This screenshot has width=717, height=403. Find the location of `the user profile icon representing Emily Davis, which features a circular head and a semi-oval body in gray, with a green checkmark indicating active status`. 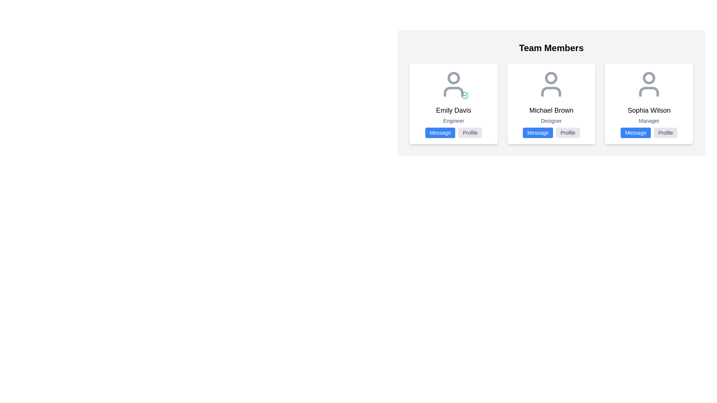

the user profile icon representing Emily Davis, which features a circular head and a semi-oval body in gray, with a green checkmark indicating active status is located at coordinates (453, 84).